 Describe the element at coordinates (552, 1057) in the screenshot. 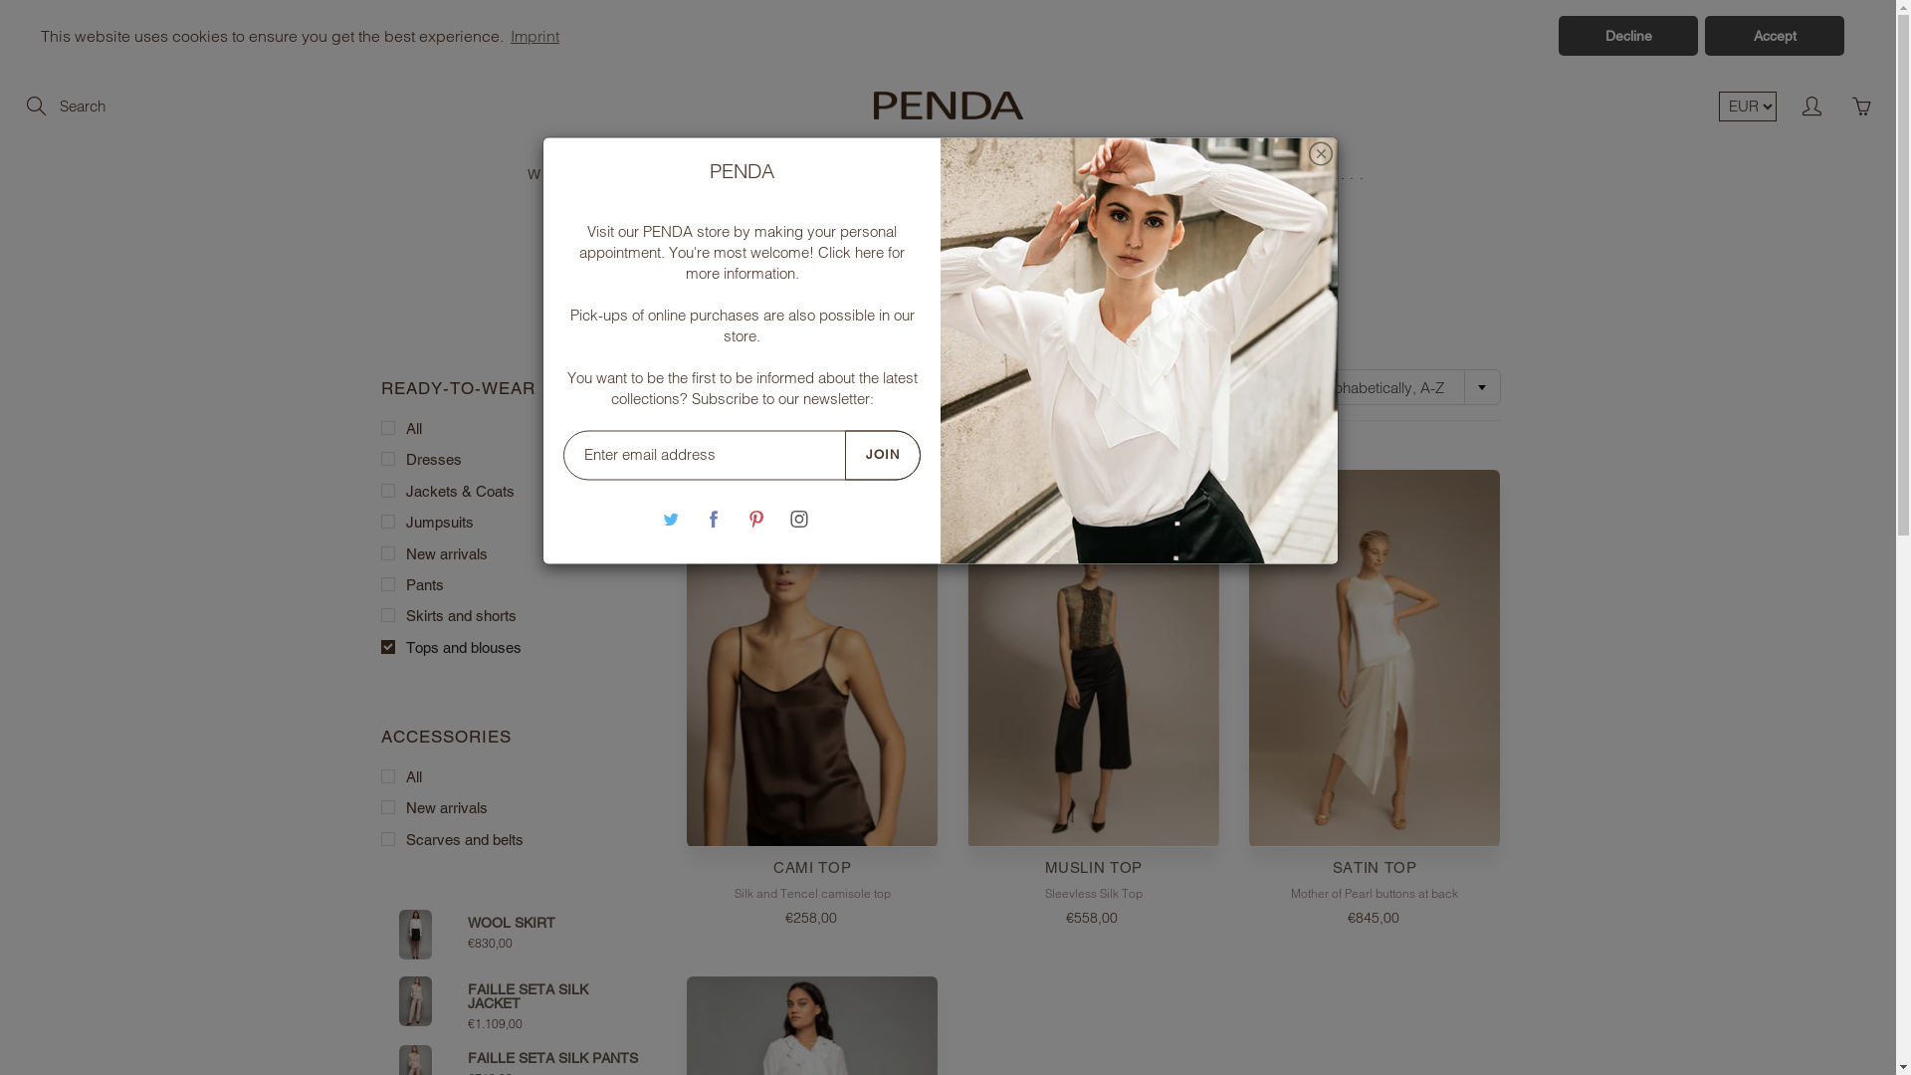

I see `'FAILLE SETA SILK PANTS'` at that location.